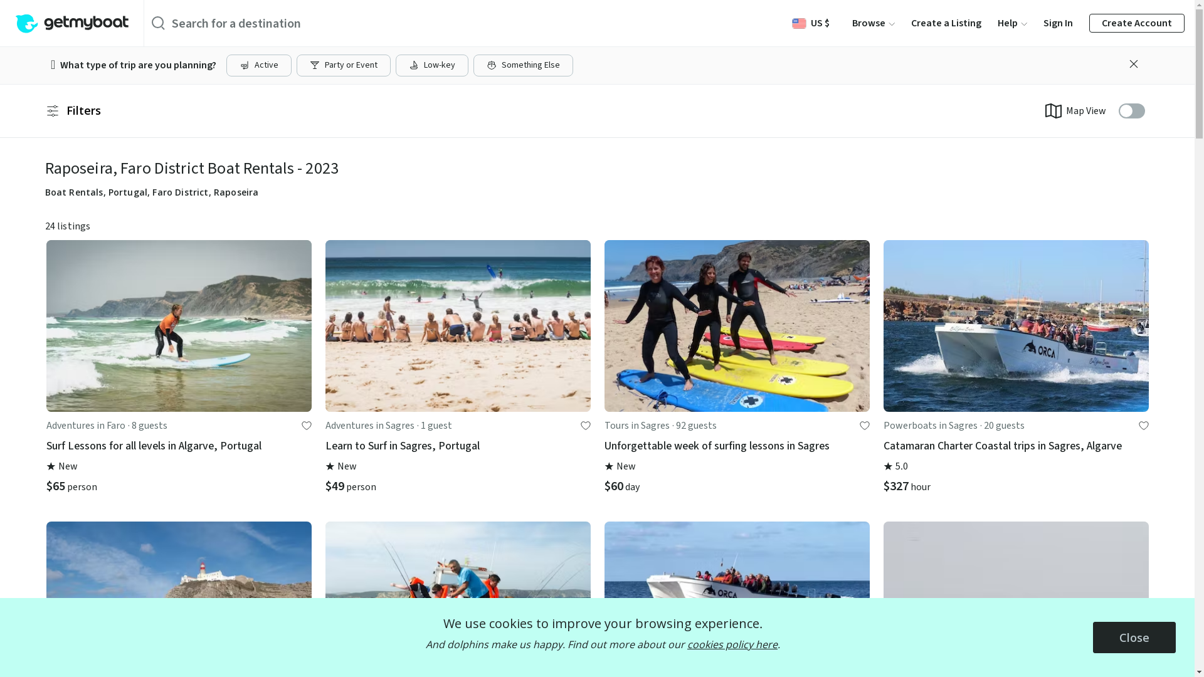 The height and width of the screenshot is (677, 1204). Describe the element at coordinates (946, 23) in the screenshot. I see `'Create a Listing'` at that location.